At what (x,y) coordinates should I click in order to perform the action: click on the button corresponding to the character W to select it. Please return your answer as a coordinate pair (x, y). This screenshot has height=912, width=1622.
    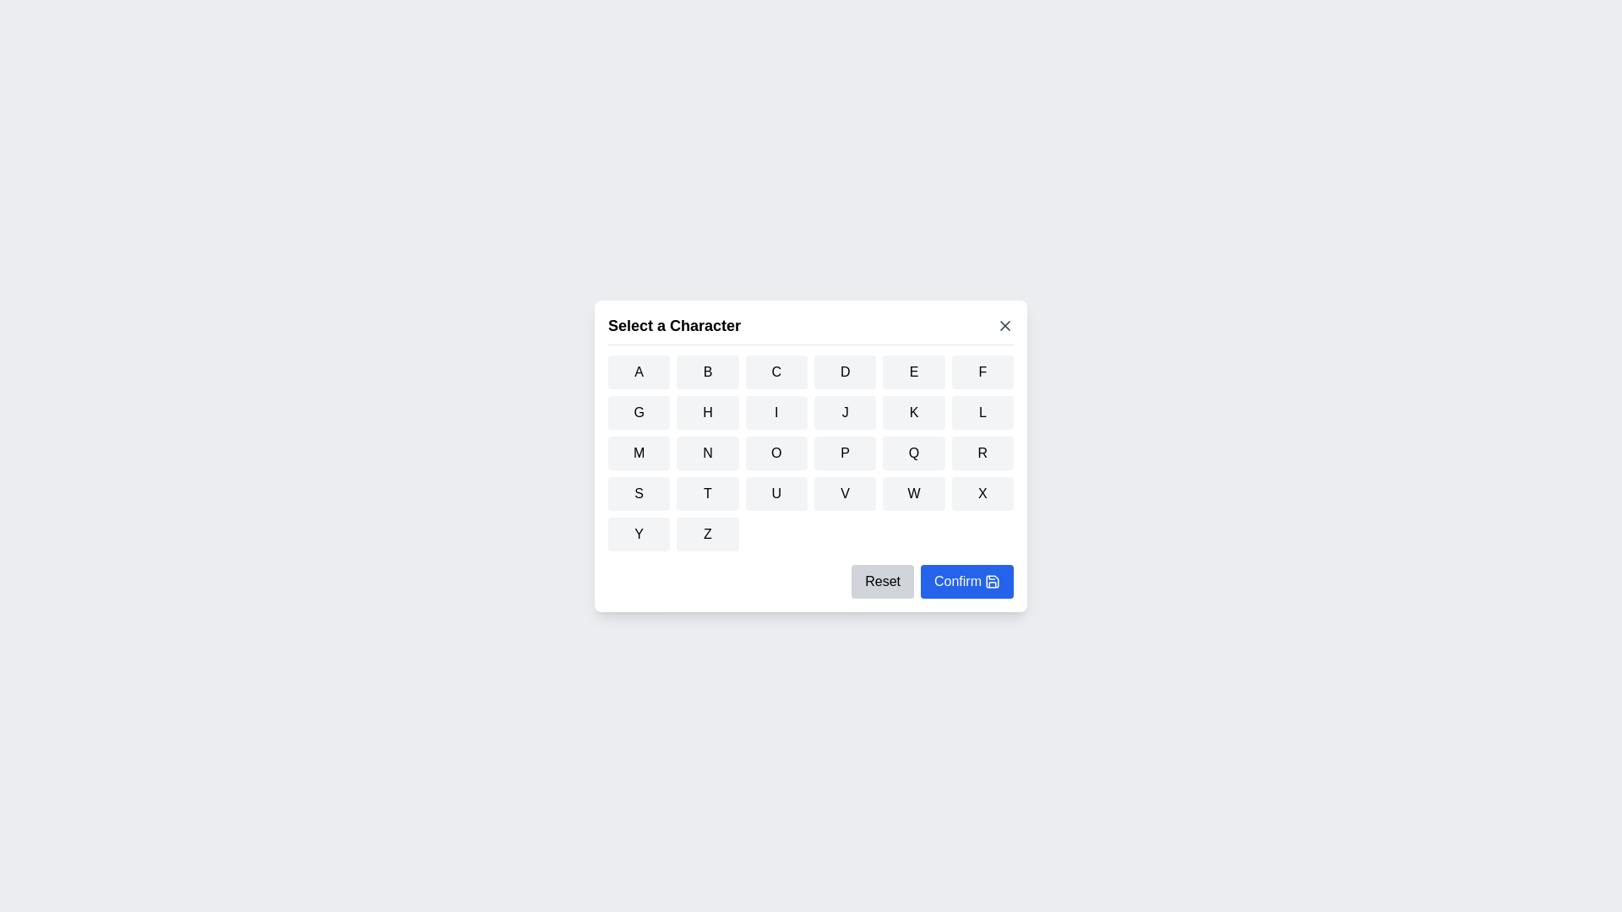
    Looking at the image, I should click on (912, 492).